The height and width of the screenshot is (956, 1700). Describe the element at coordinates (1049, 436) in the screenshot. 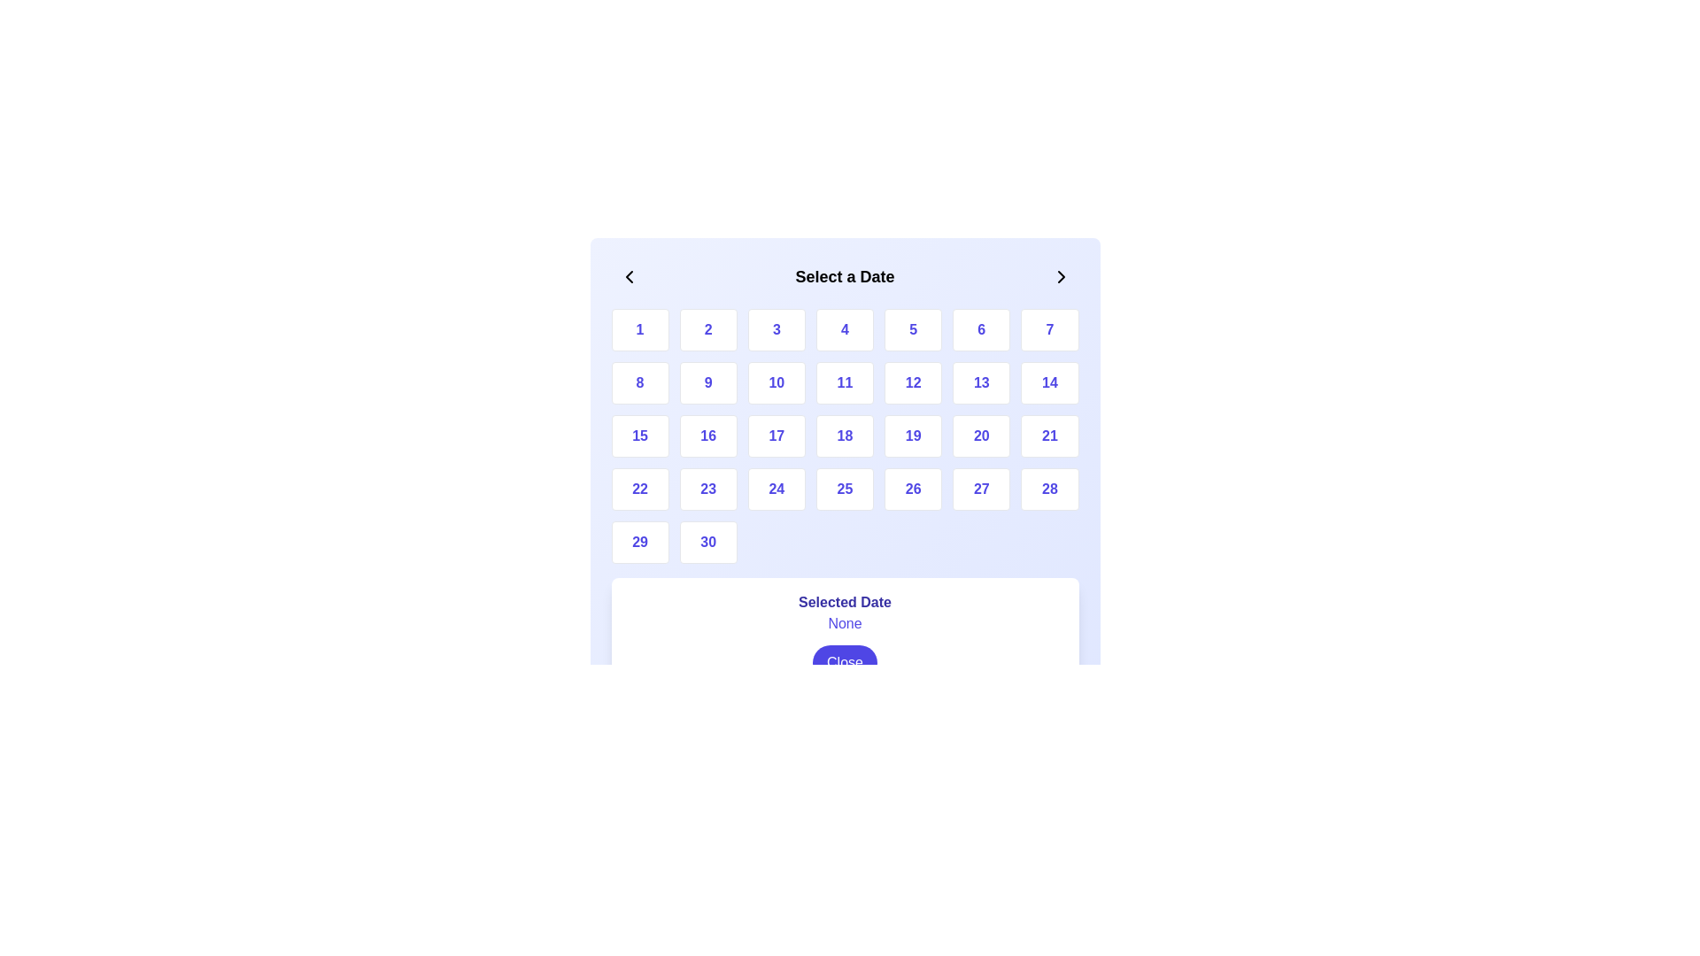

I see `the button located in the third row, seventh column of the date selection grid` at that location.